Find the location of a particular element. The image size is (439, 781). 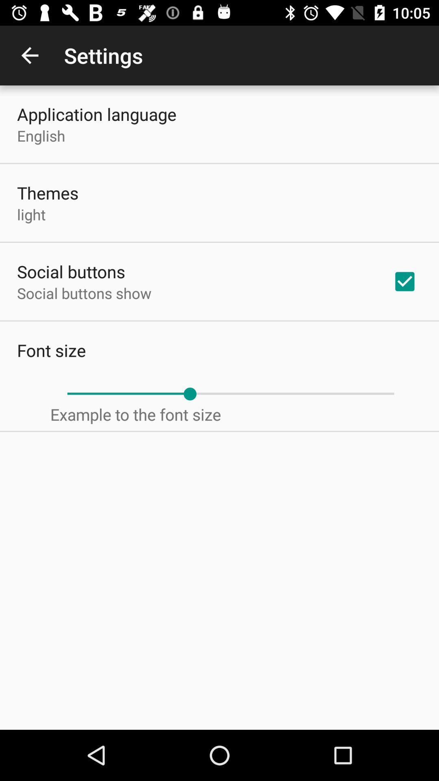

item next to settings item is located at coordinates (29, 55).